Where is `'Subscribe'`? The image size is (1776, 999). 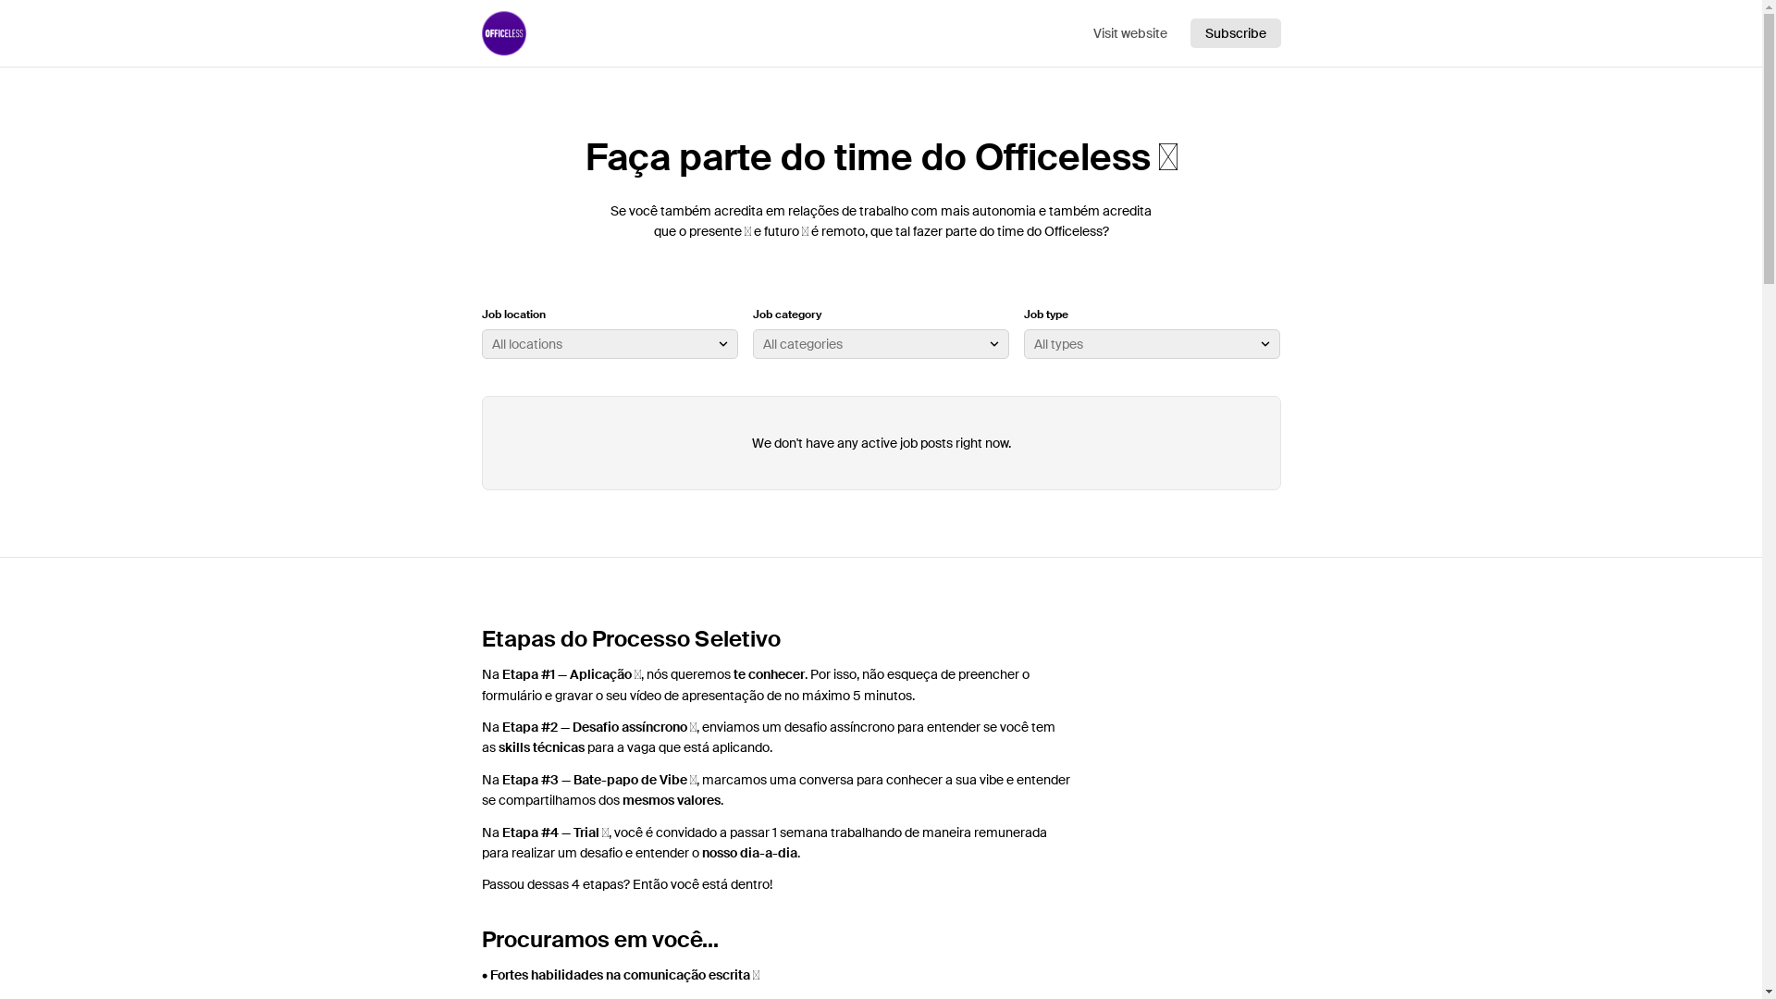 'Subscribe' is located at coordinates (1190, 32).